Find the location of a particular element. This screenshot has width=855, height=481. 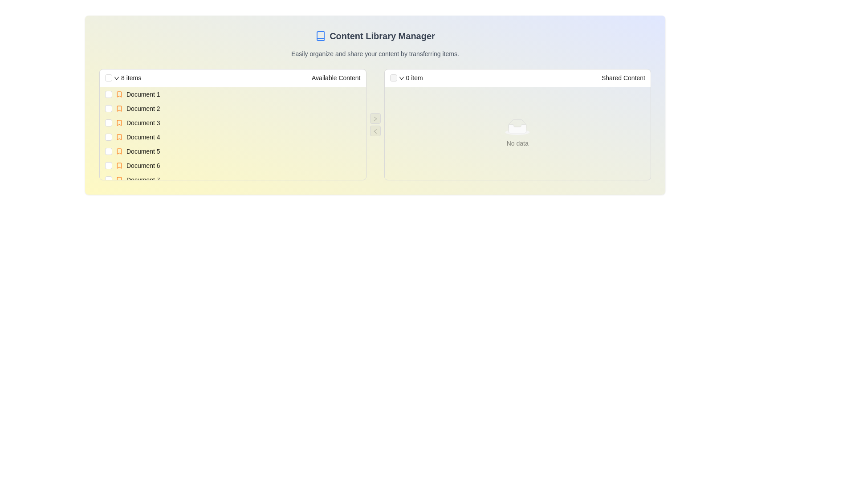

the bookmark icon located is located at coordinates (119, 180).